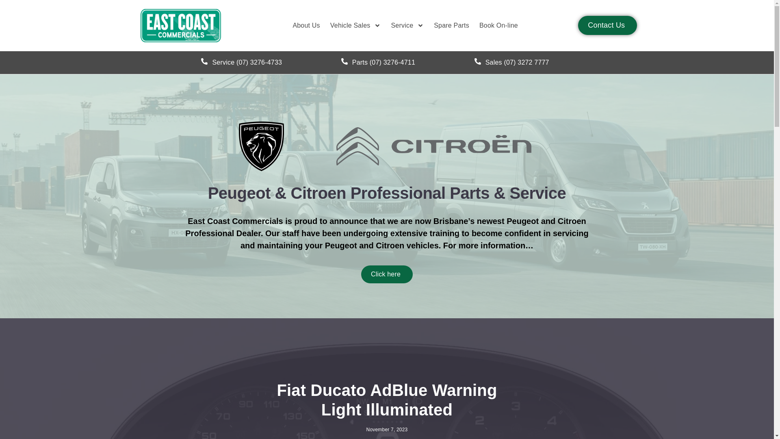 The width and height of the screenshot is (780, 439). Describe the element at coordinates (511, 62) in the screenshot. I see `'Sales (07) 3272 7777'` at that location.